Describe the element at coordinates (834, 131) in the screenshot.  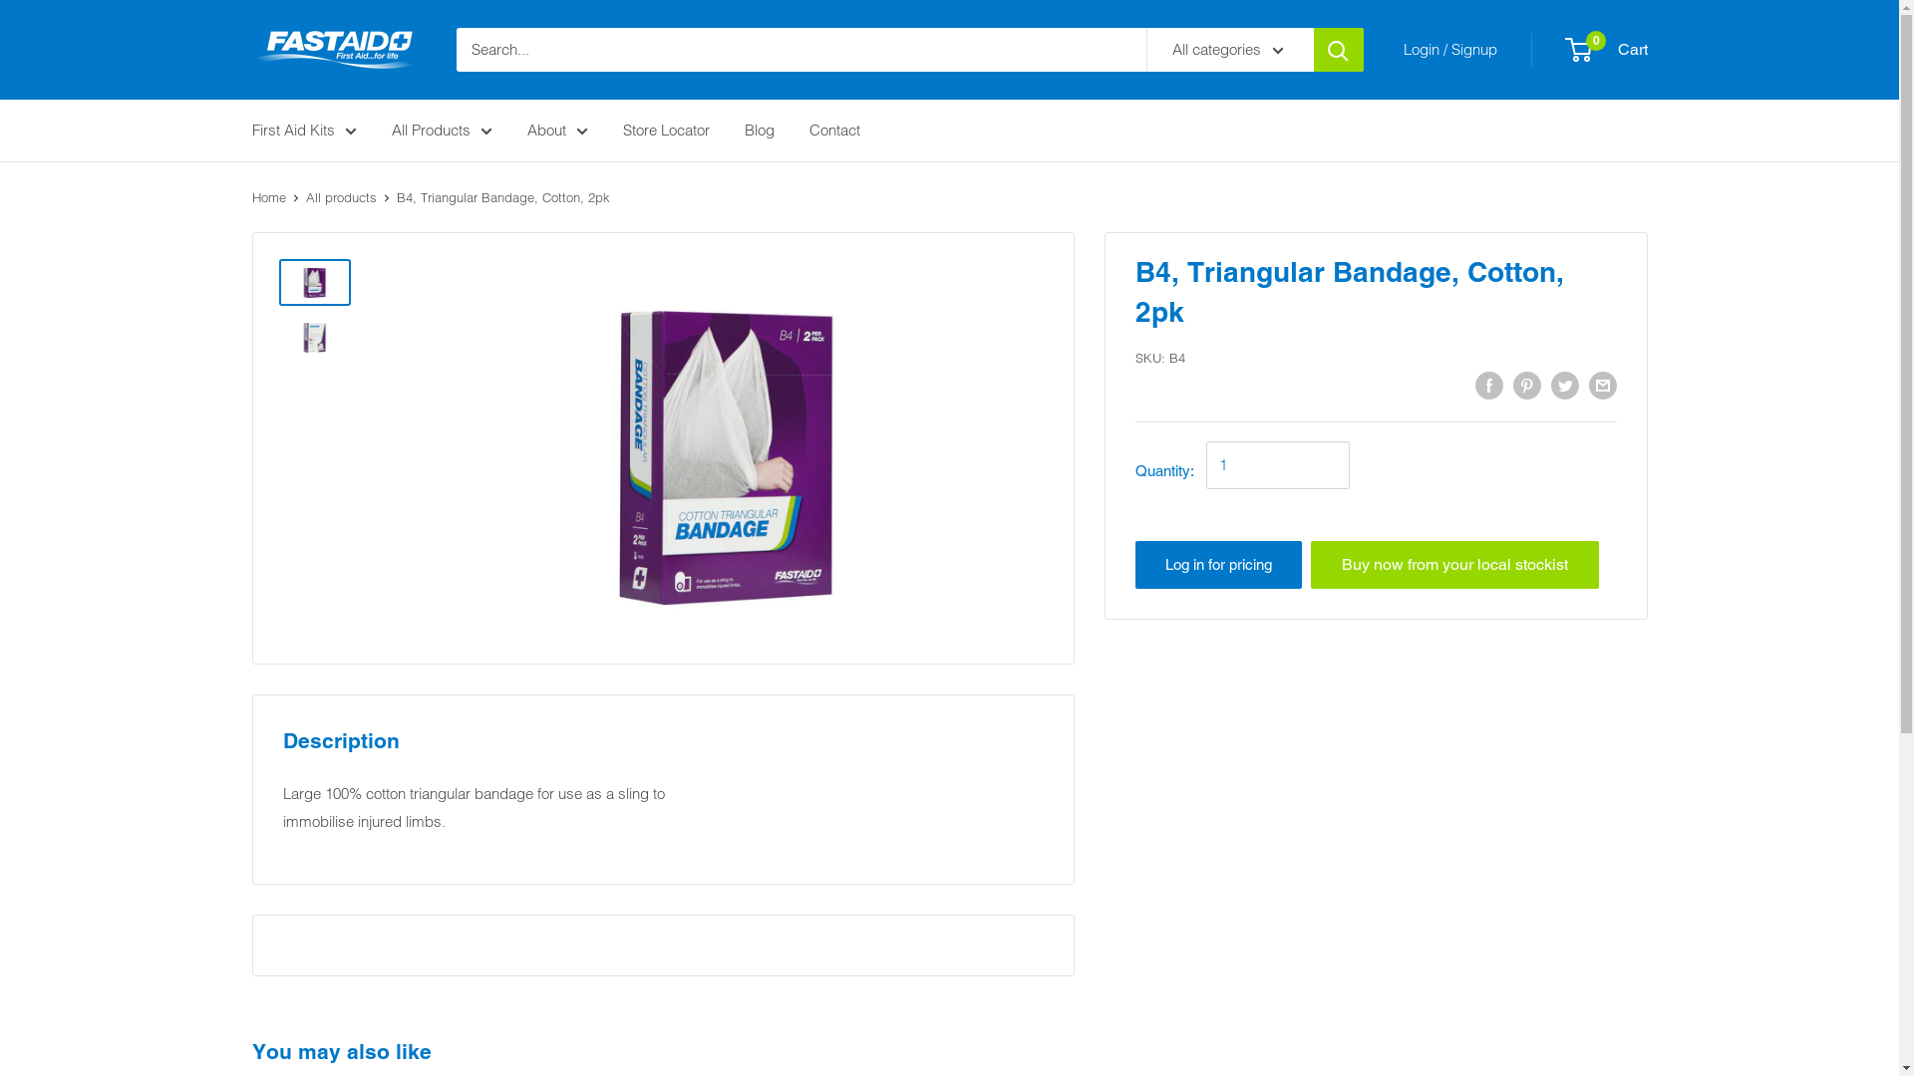
I see `'Contact'` at that location.